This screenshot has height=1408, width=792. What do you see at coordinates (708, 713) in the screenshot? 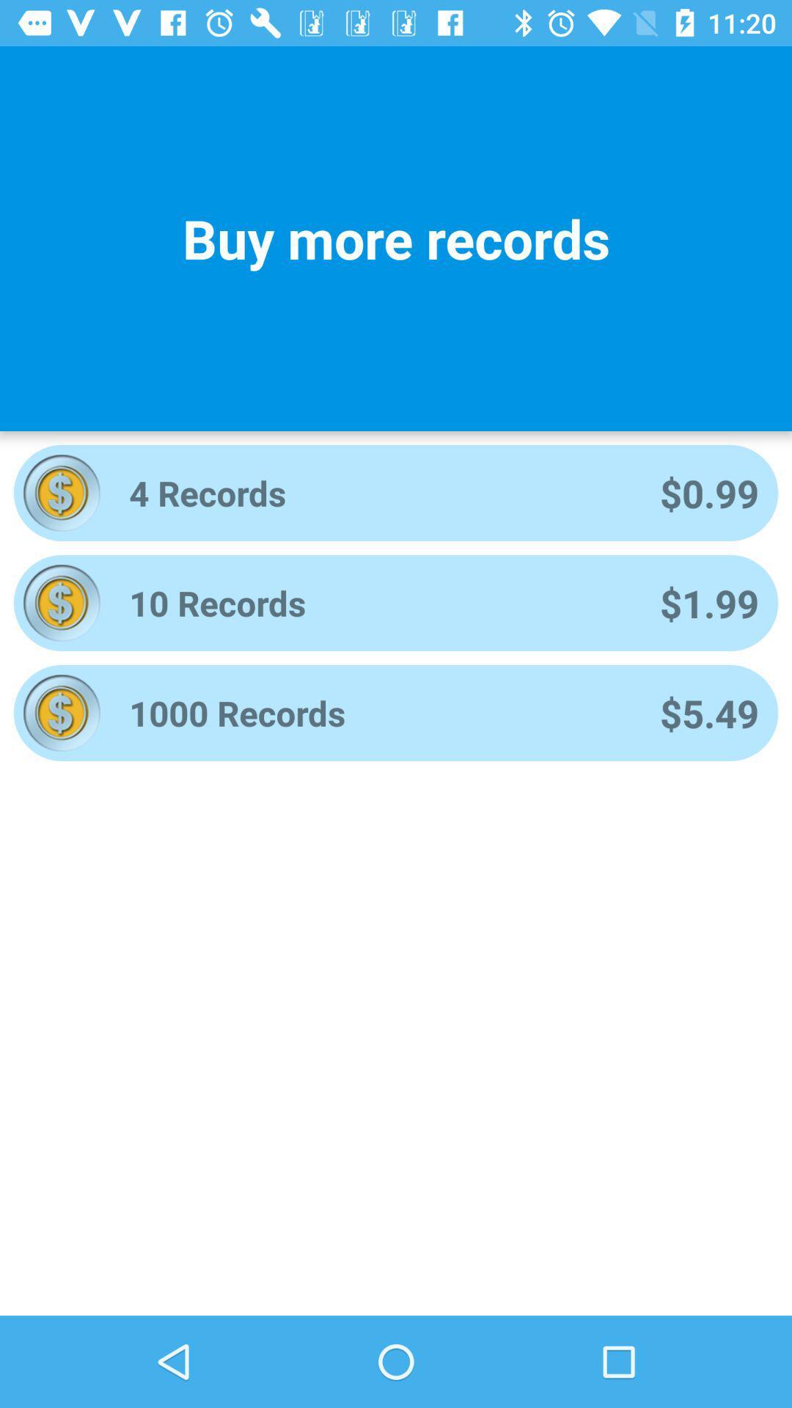
I see `the item next to the 1000 records app` at bounding box center [708, 713].